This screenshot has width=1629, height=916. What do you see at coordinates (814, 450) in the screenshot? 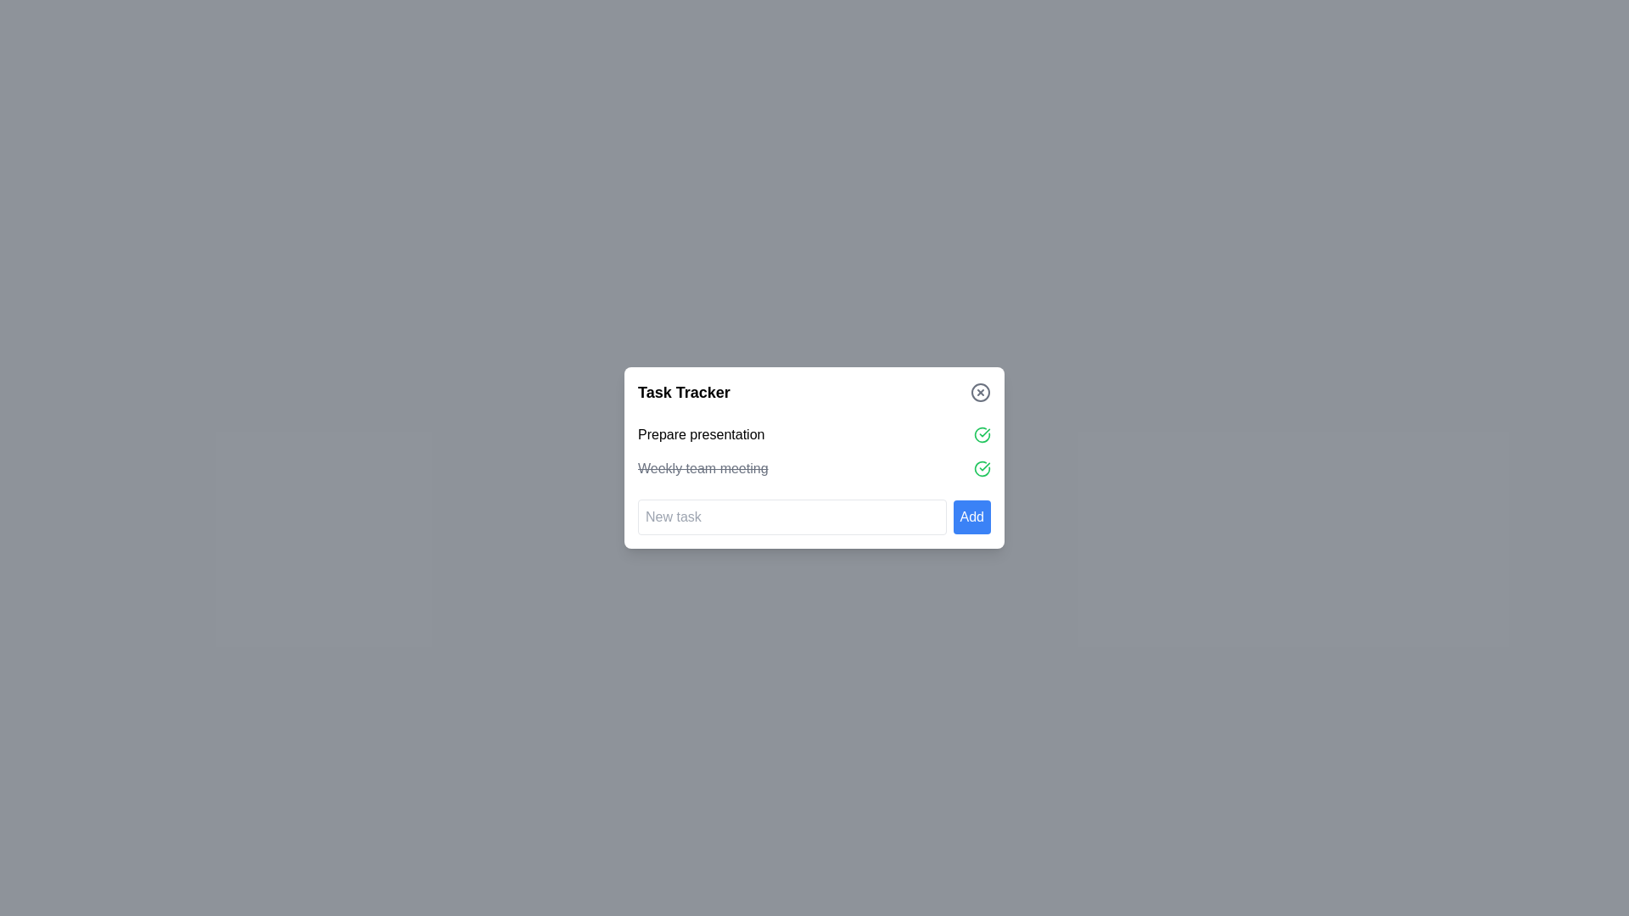
I see `the checkmark in the first task list item group of the 'Task Tracker' dialog` at bounding box center [814, 450].